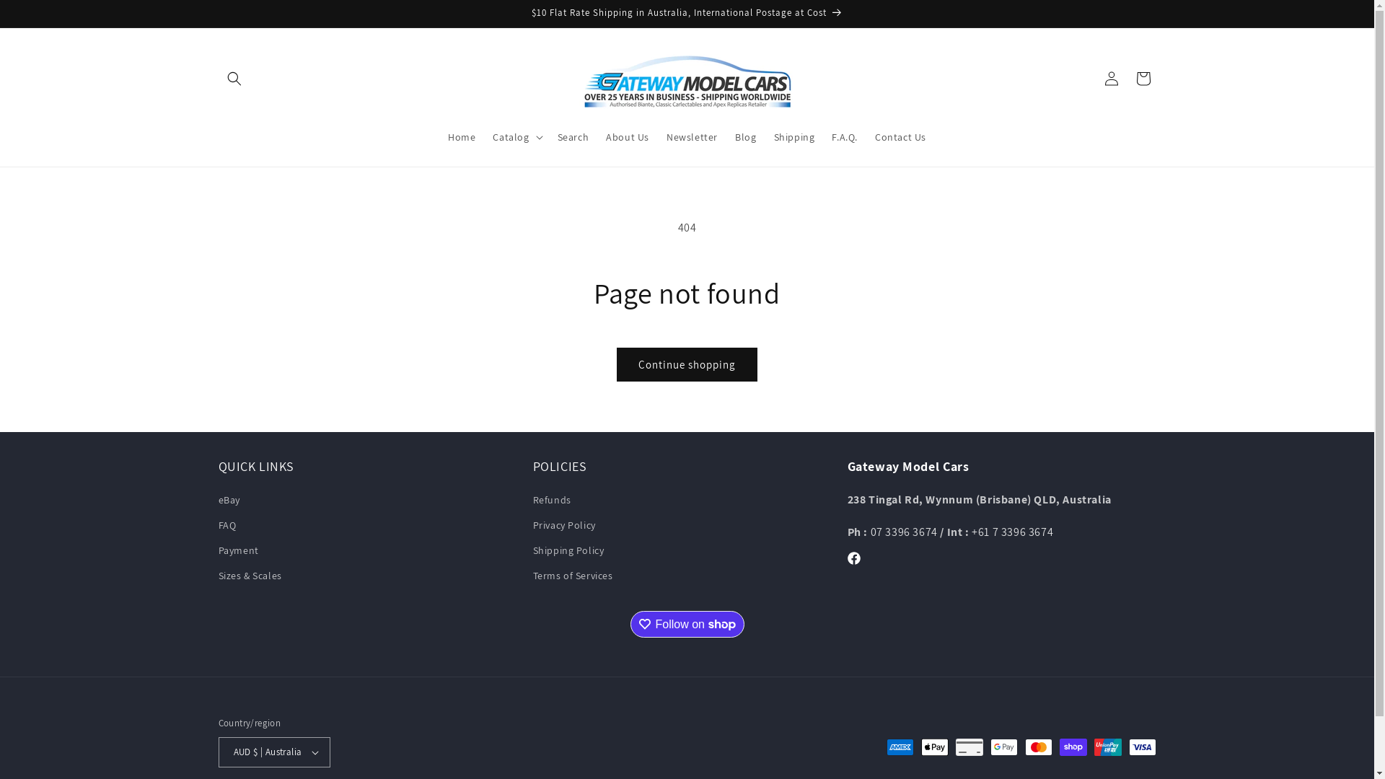 The image size is (1385, 779). Describe the element at coordinates (627, 136) in the screenshot. I see `'About Us'` at that location.